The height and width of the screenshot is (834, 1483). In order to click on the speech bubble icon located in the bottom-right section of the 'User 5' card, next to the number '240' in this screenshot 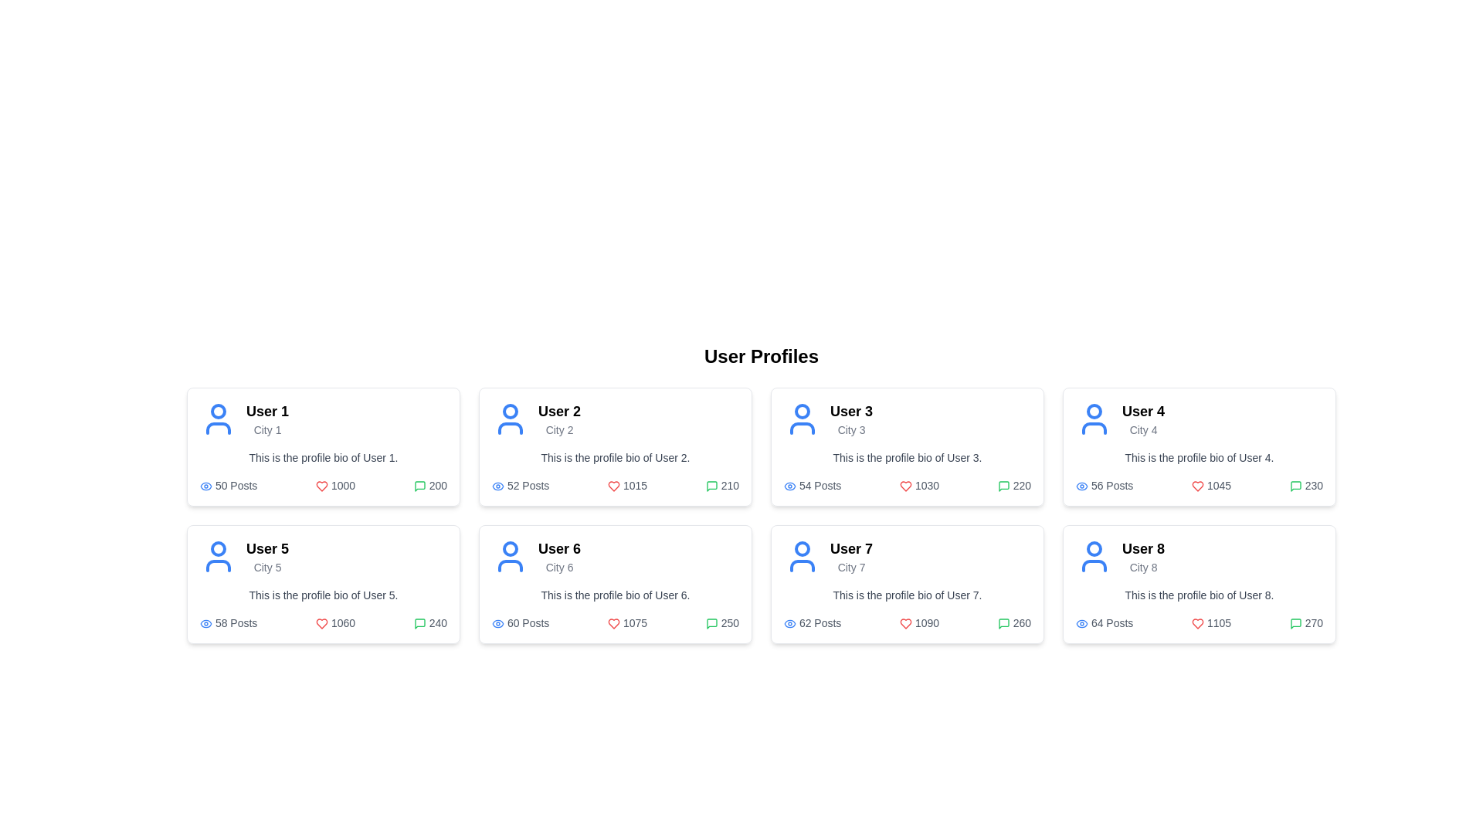, I will do `click(419, 623)`.